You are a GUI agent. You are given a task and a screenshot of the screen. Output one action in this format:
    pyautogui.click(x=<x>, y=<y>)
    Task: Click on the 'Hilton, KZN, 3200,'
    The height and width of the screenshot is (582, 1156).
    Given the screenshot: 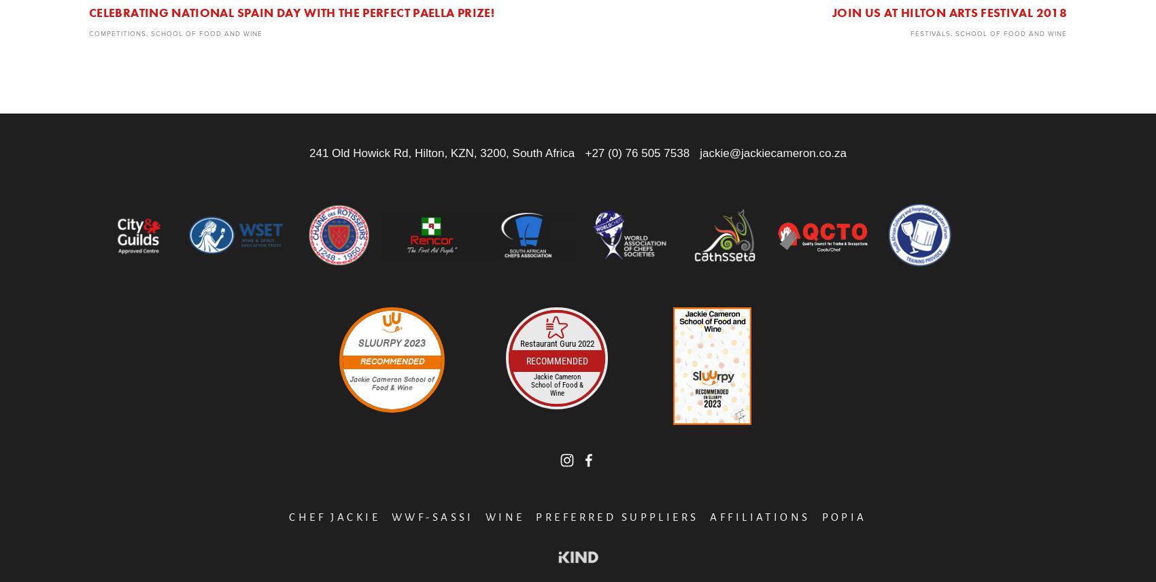 What is the action you would take?
    pyautogui.click(x=413, y=153)
    